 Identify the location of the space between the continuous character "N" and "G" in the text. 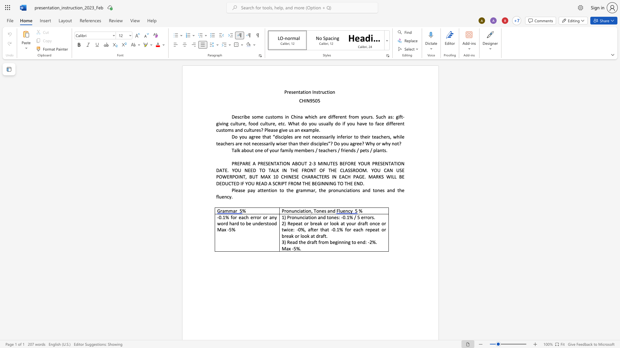
(333, 183).